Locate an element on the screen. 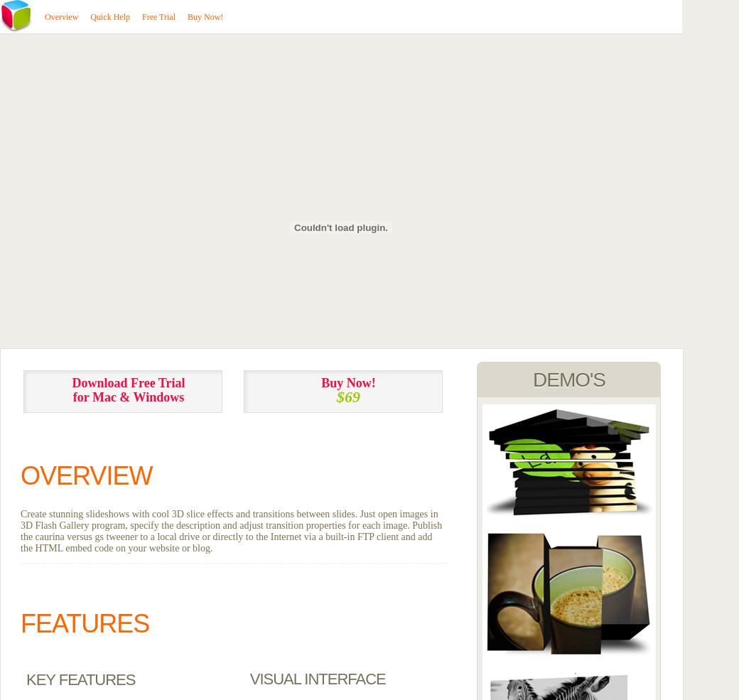 The image size is (739, 700). 'Create stunning slideshows with cool 3D slice effects and transitions between' is located at coordinates (176, 514).